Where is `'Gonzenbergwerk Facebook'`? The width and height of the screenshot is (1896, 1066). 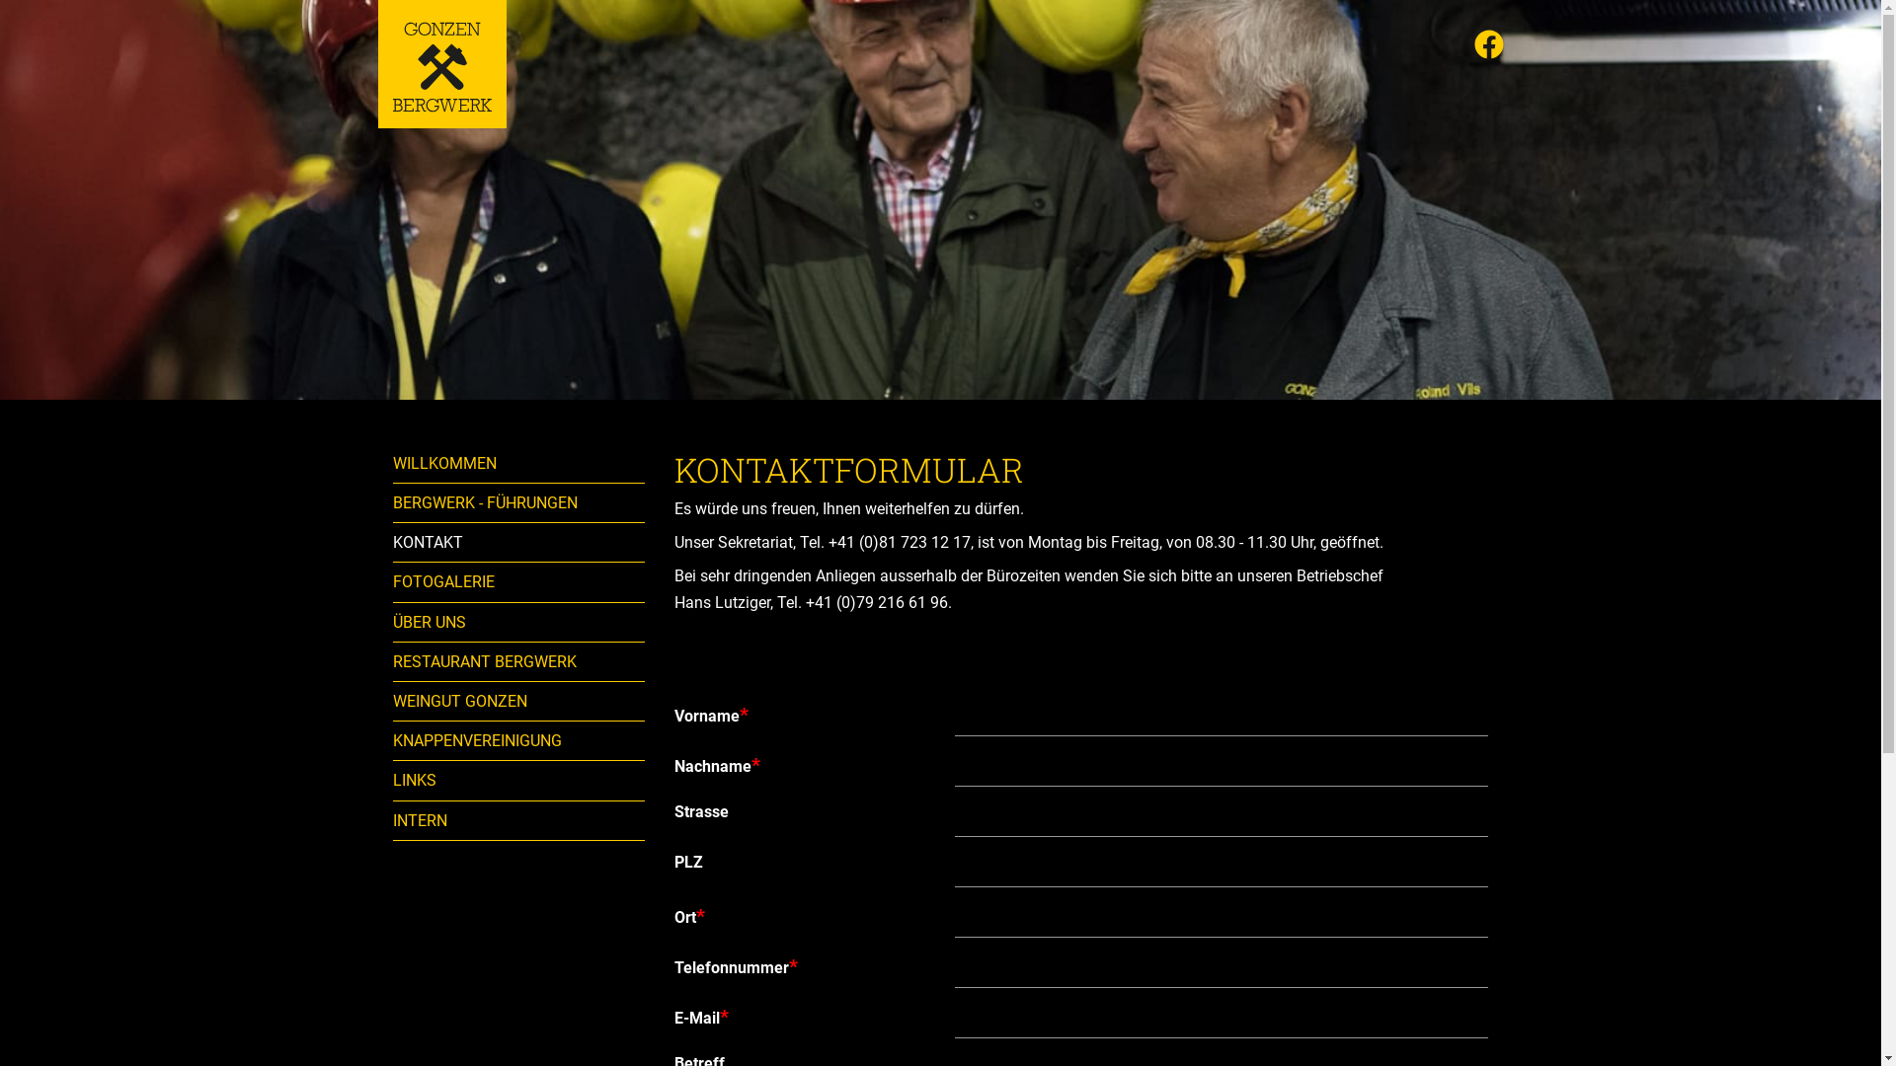 'Gonzenbergwerk Facebook' is located at coordinates (1488, 46).